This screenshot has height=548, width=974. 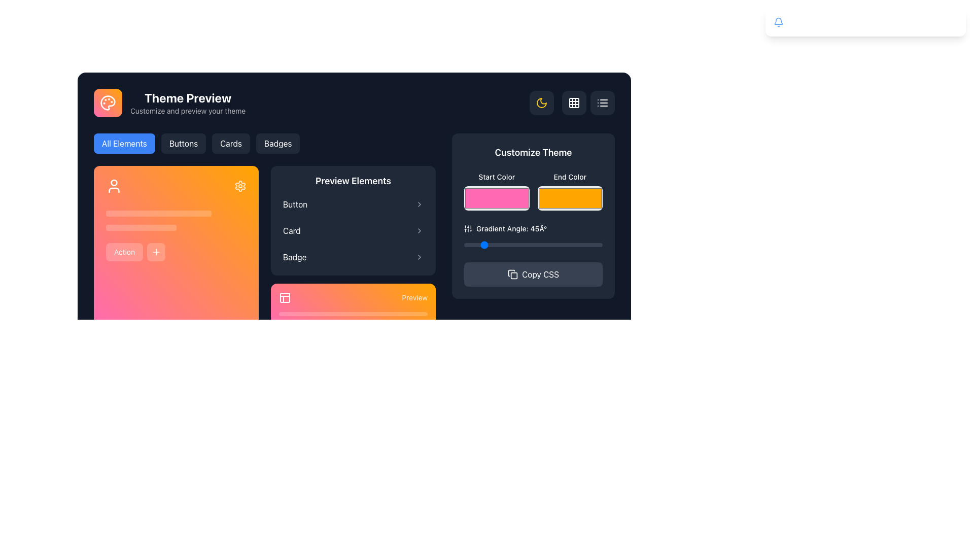 I want to click on the night mode toggle button located in the top-right corner of the interface, which features a moon icon, so click(x=541, y=103).